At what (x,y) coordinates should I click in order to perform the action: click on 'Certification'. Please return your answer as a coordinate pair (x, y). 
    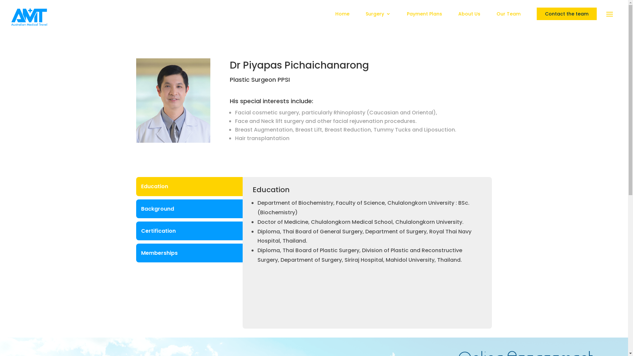
    Looking at the image, I should click on (189, 230).